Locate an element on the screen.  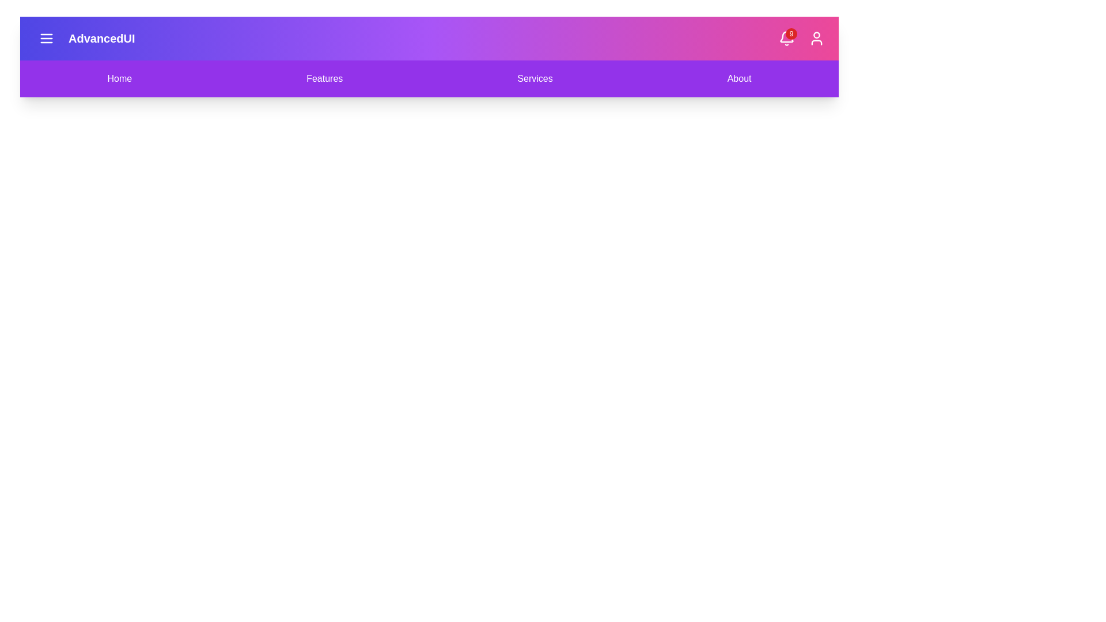
the Features navigation menu item is located at coordinates (324, 78).